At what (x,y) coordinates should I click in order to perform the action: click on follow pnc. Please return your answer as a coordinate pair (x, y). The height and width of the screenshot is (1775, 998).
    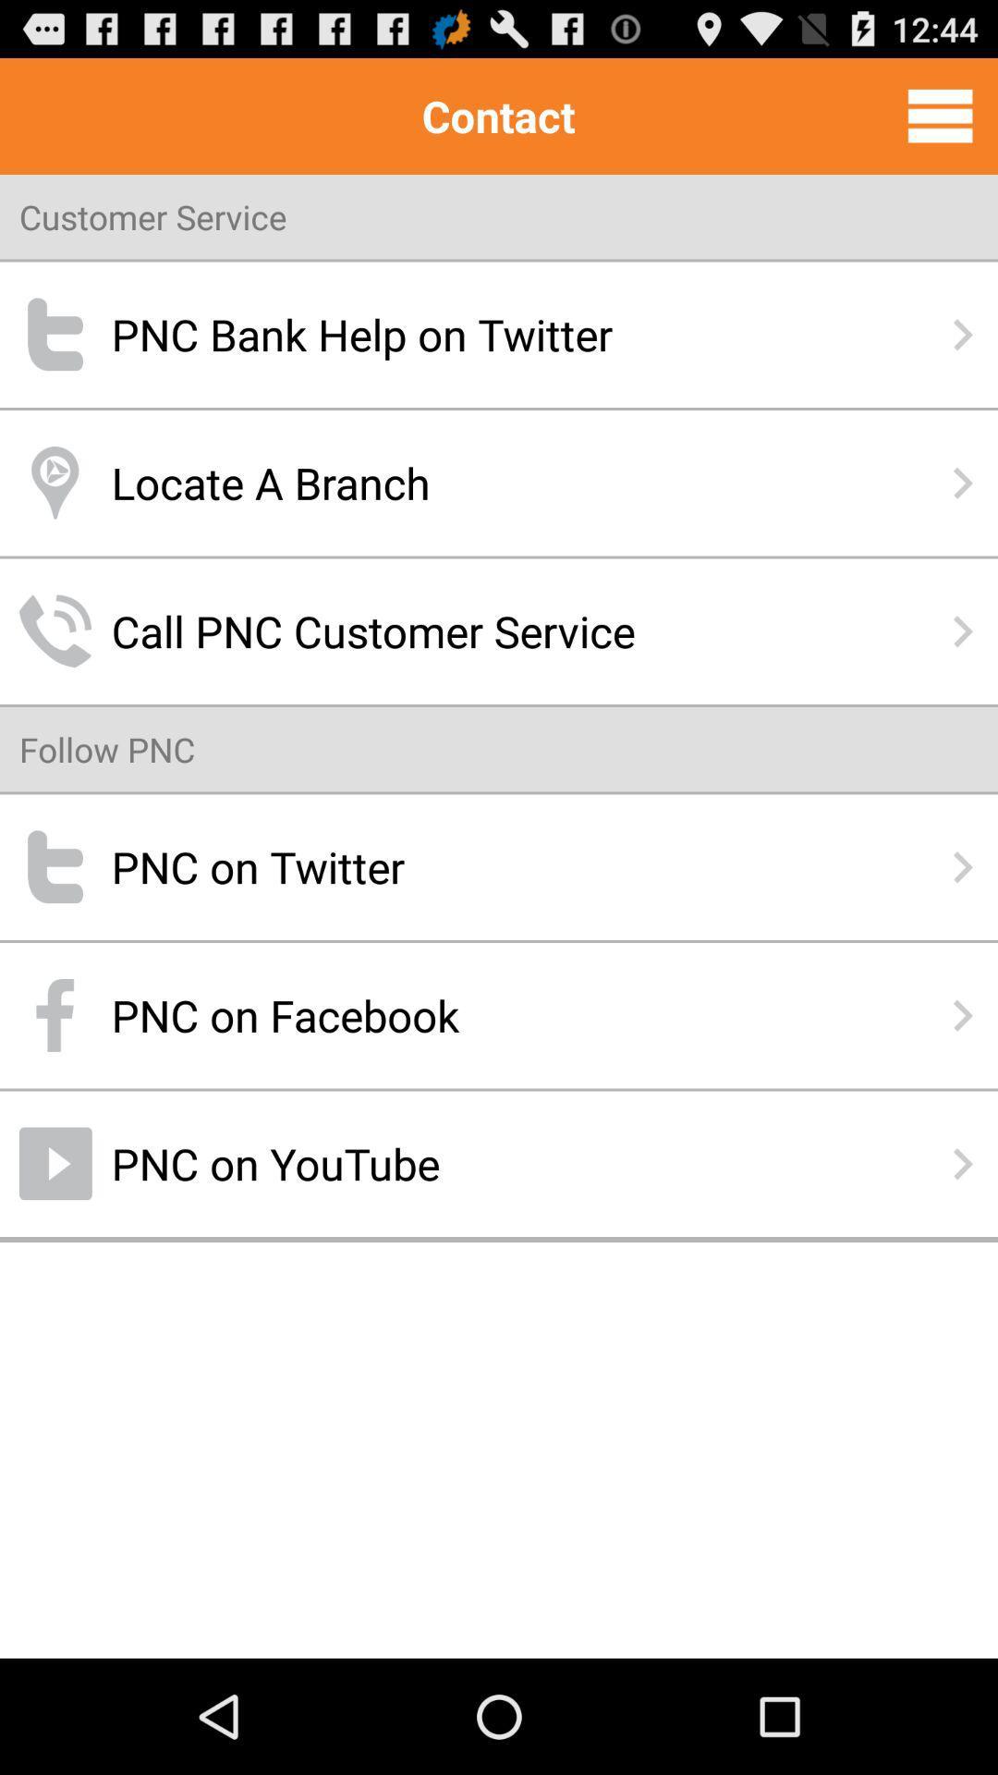
    Looking at the image, I should click on (107, 749).